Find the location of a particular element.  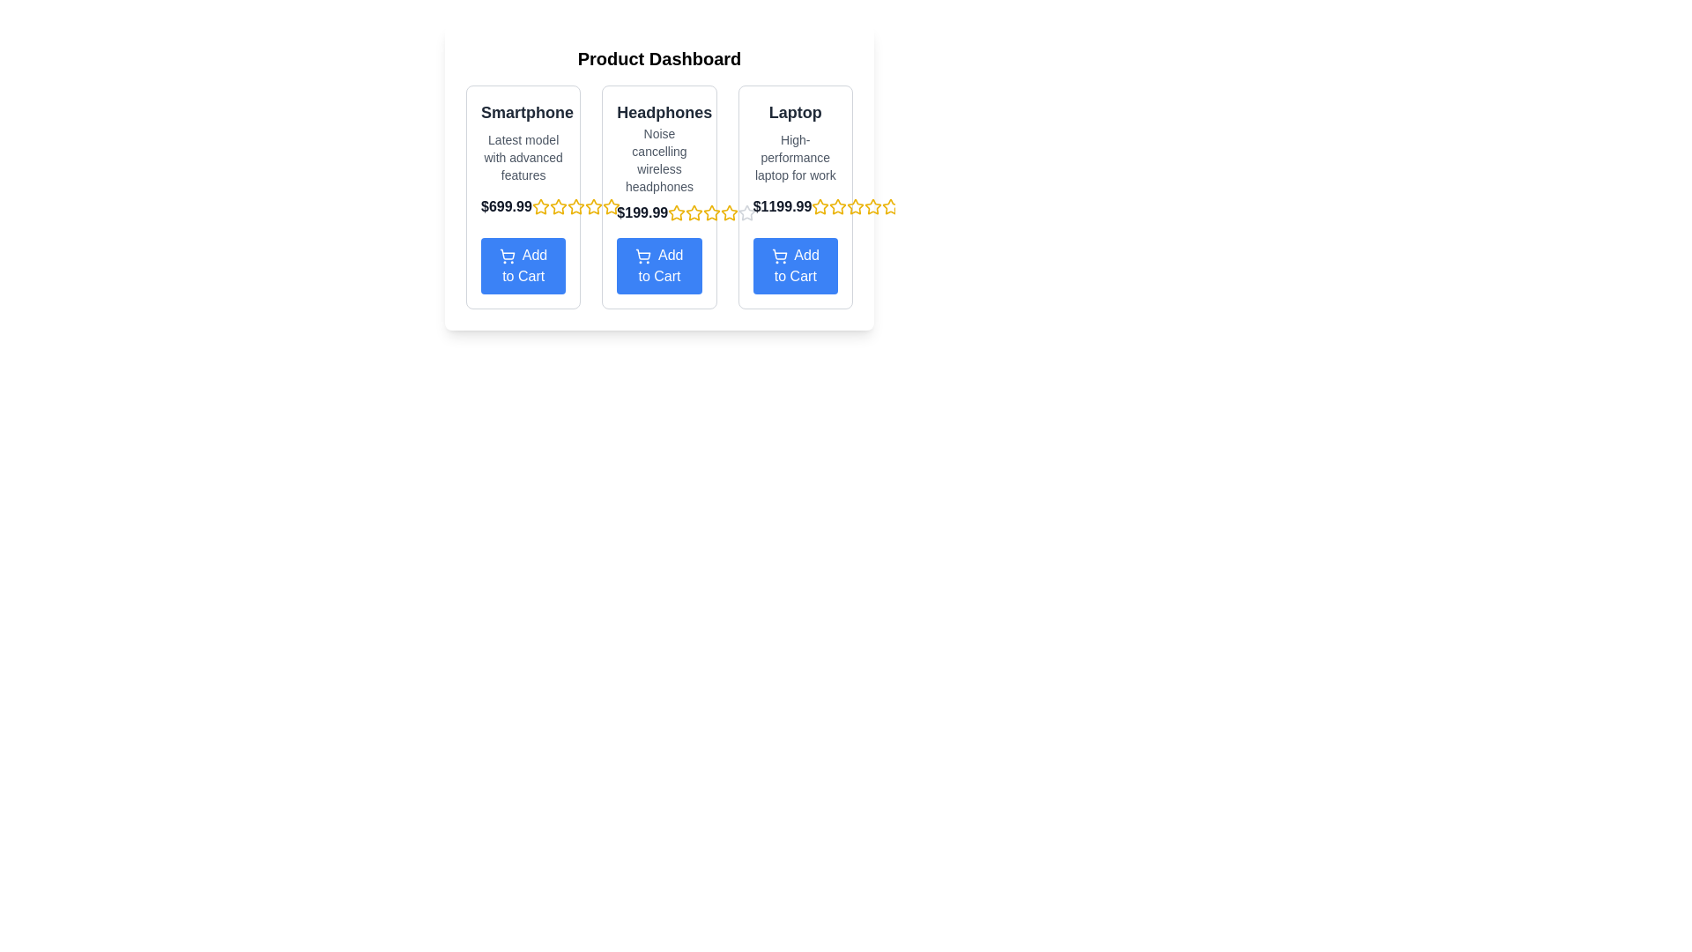

the fourth star-shaped icon is located at coordinates (593, 205).